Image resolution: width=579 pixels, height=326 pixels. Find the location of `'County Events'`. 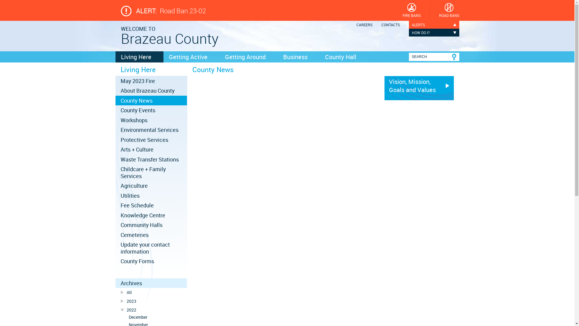

'County Events' is located at coordinates (151, 110).